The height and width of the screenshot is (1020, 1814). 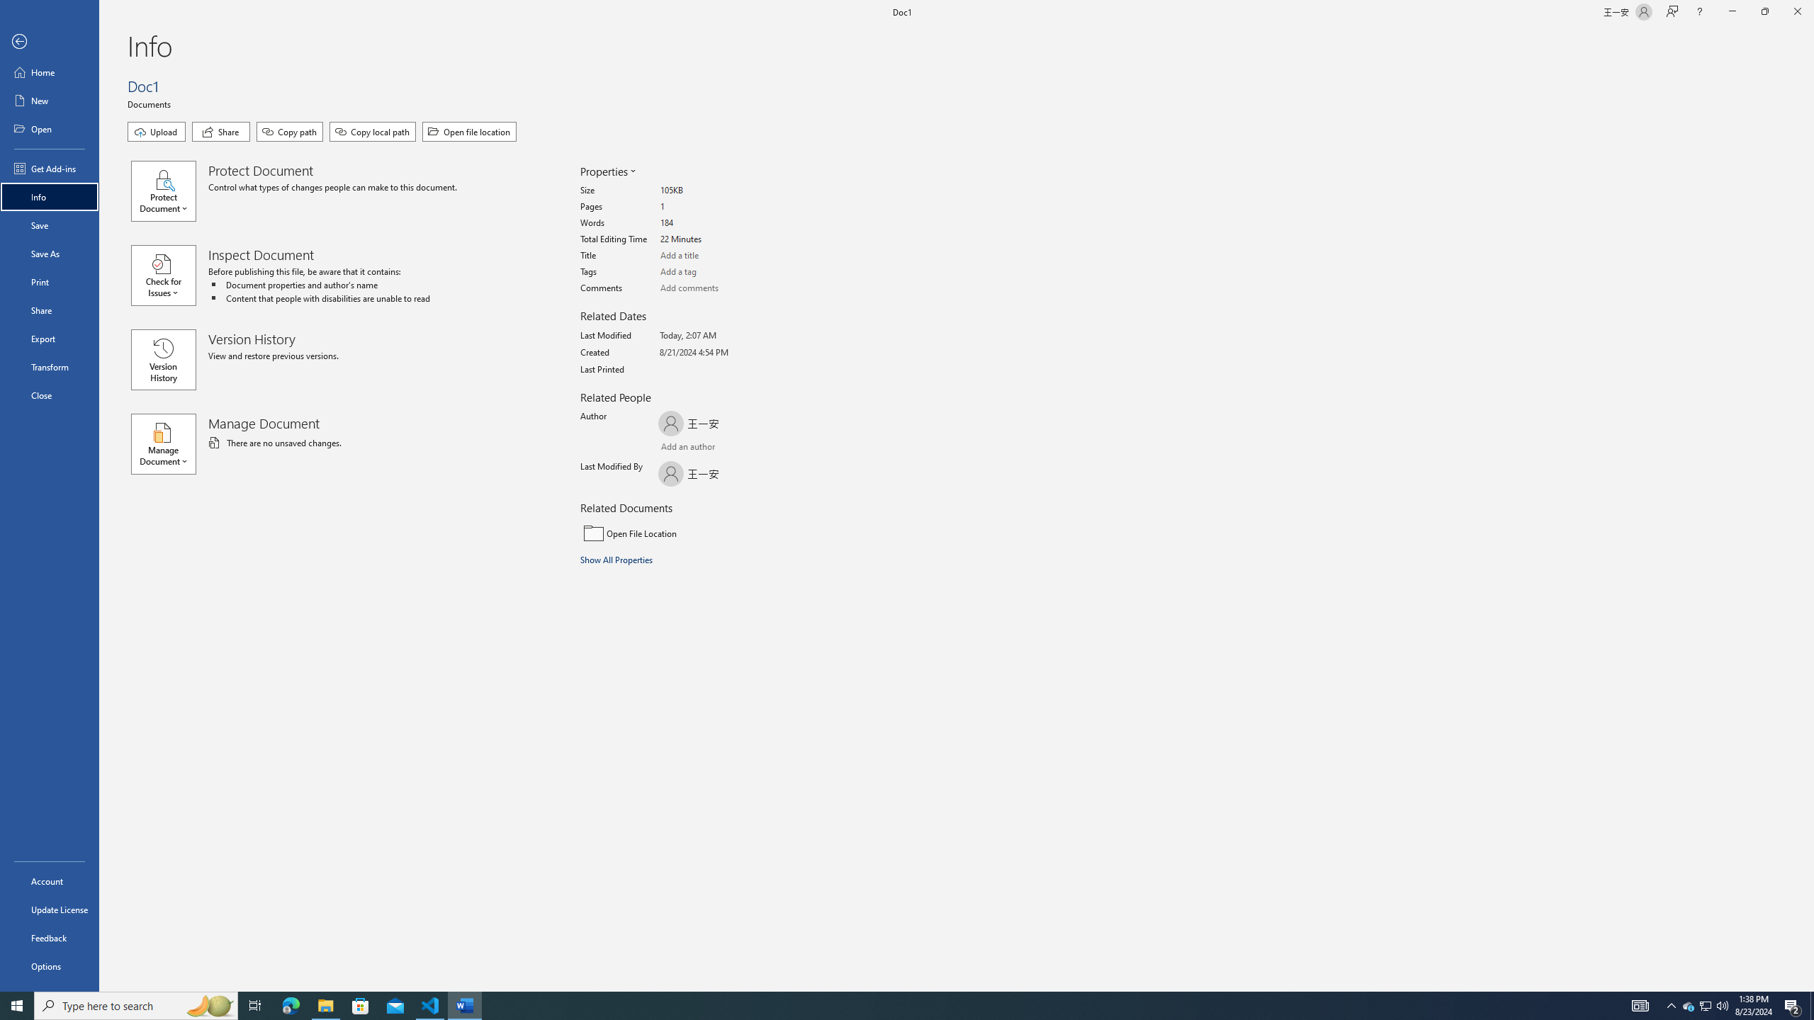 I want to click on 'Check for Issues', so click(x=169, y=274).